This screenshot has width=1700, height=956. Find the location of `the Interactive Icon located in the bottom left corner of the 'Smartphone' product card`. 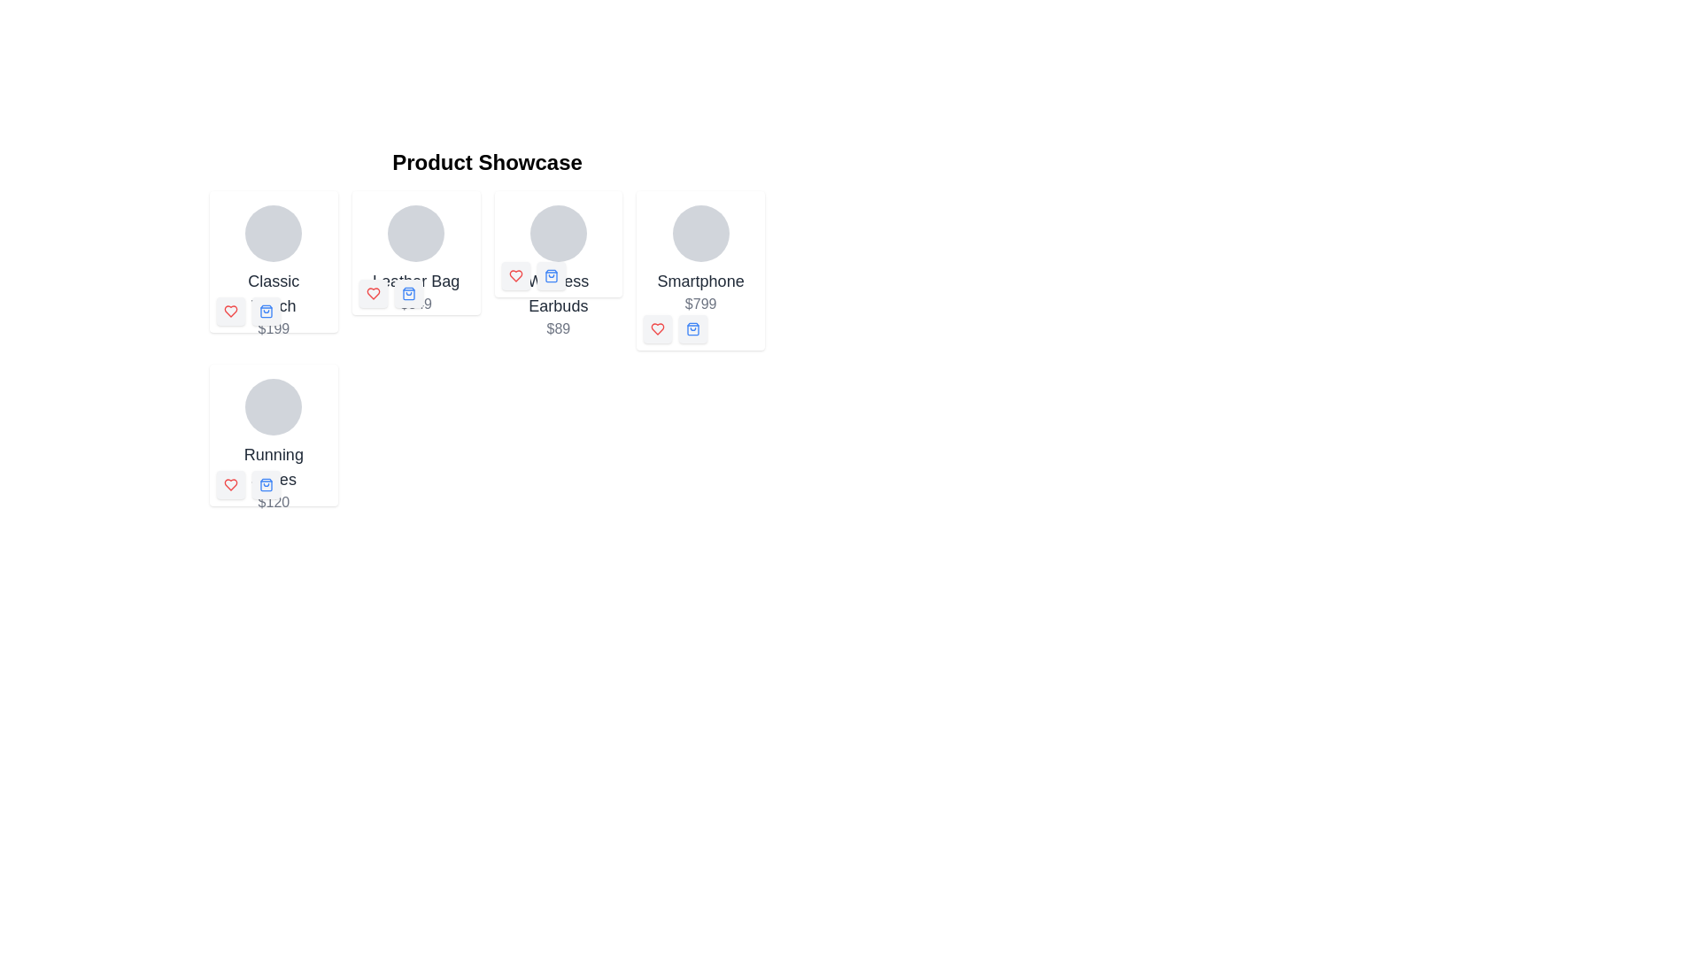

the Interactive Icon located in the bottom left corner of the 'Smartphone' product card is located at coordinates (692, 328).